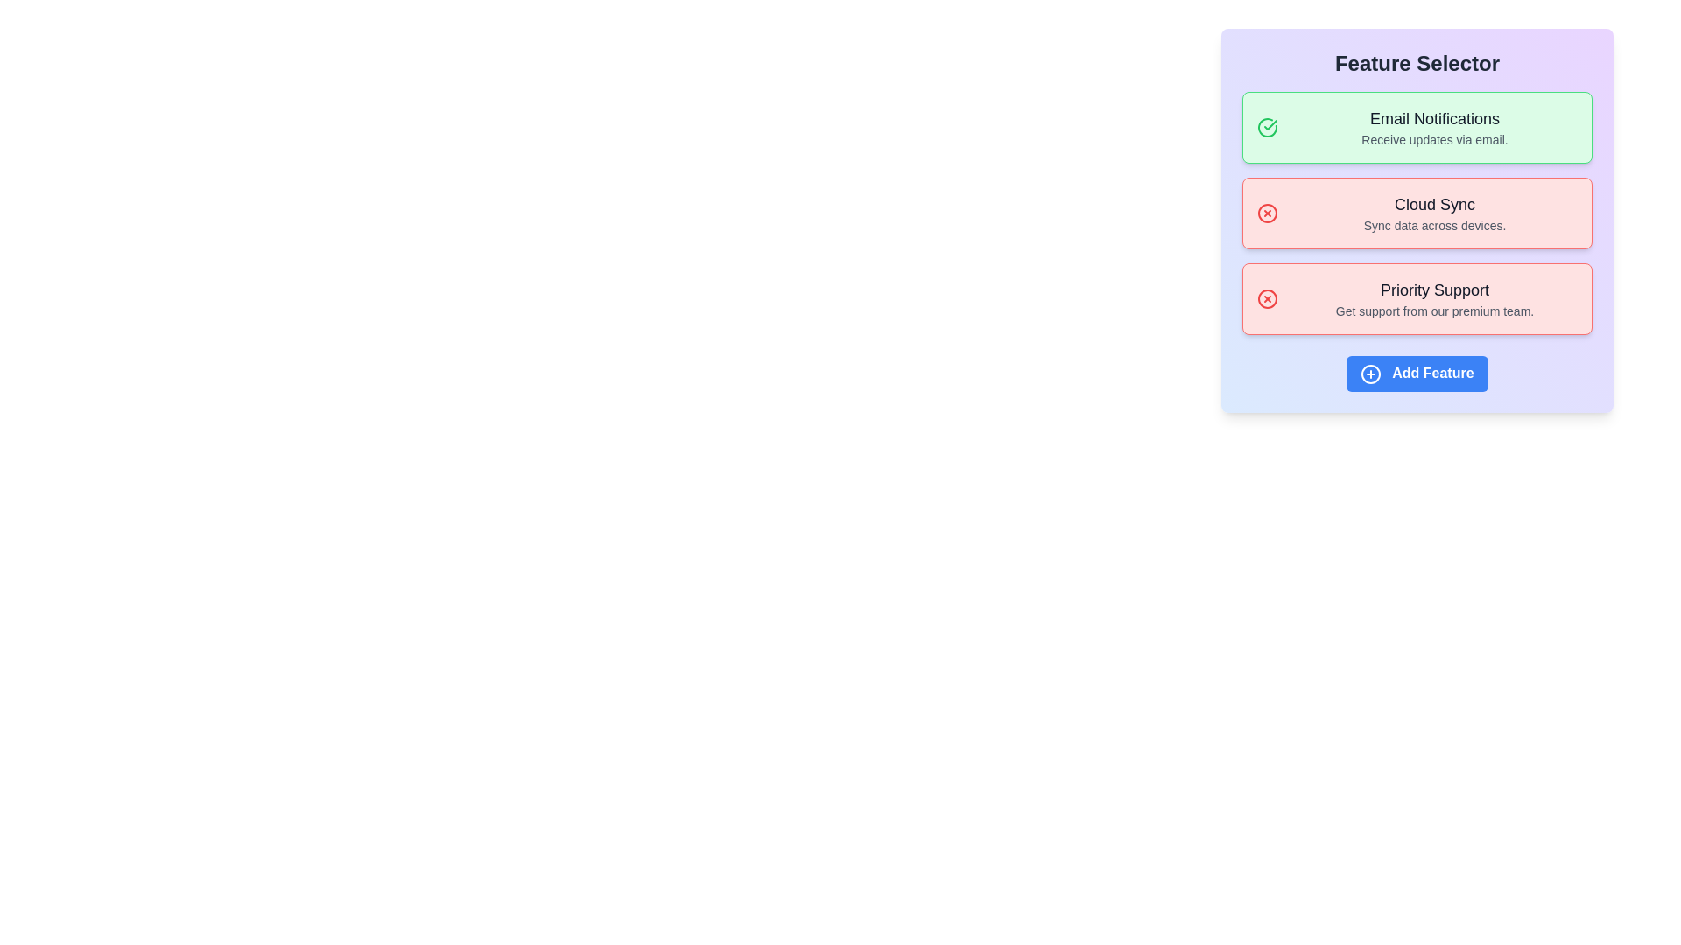  Describe the element at coordinates (1417, 373) in the screenshot. I see `the sole button within the 'Feature Selector' section, located at the bottom of the interface` at that location.